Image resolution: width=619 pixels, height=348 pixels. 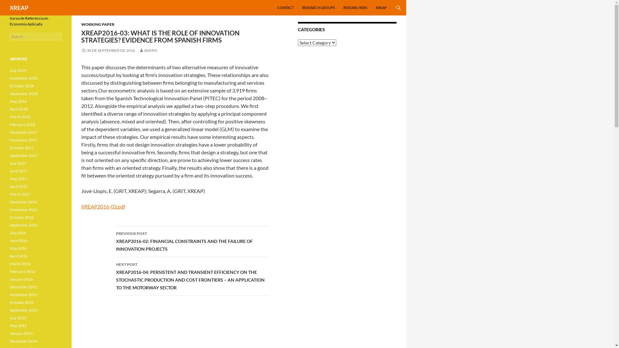 What do you see at coordinates (108, 50) in the screenshot?
I see `'30 DE SEPTEMBER DE 2016'` at bounding box center [108, 50].